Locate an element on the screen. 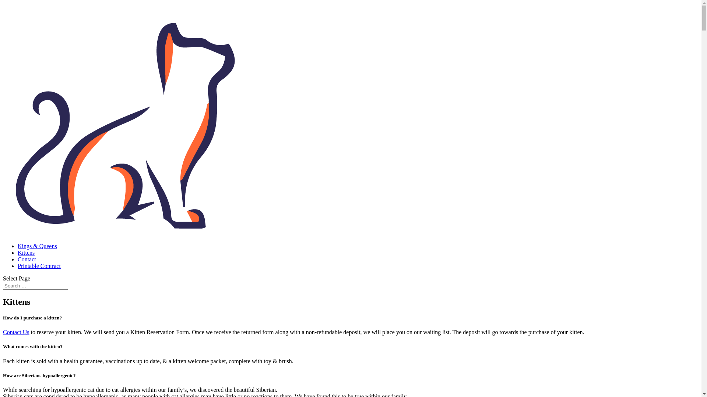  'Contact Us' is located at coordinates (16, 332).